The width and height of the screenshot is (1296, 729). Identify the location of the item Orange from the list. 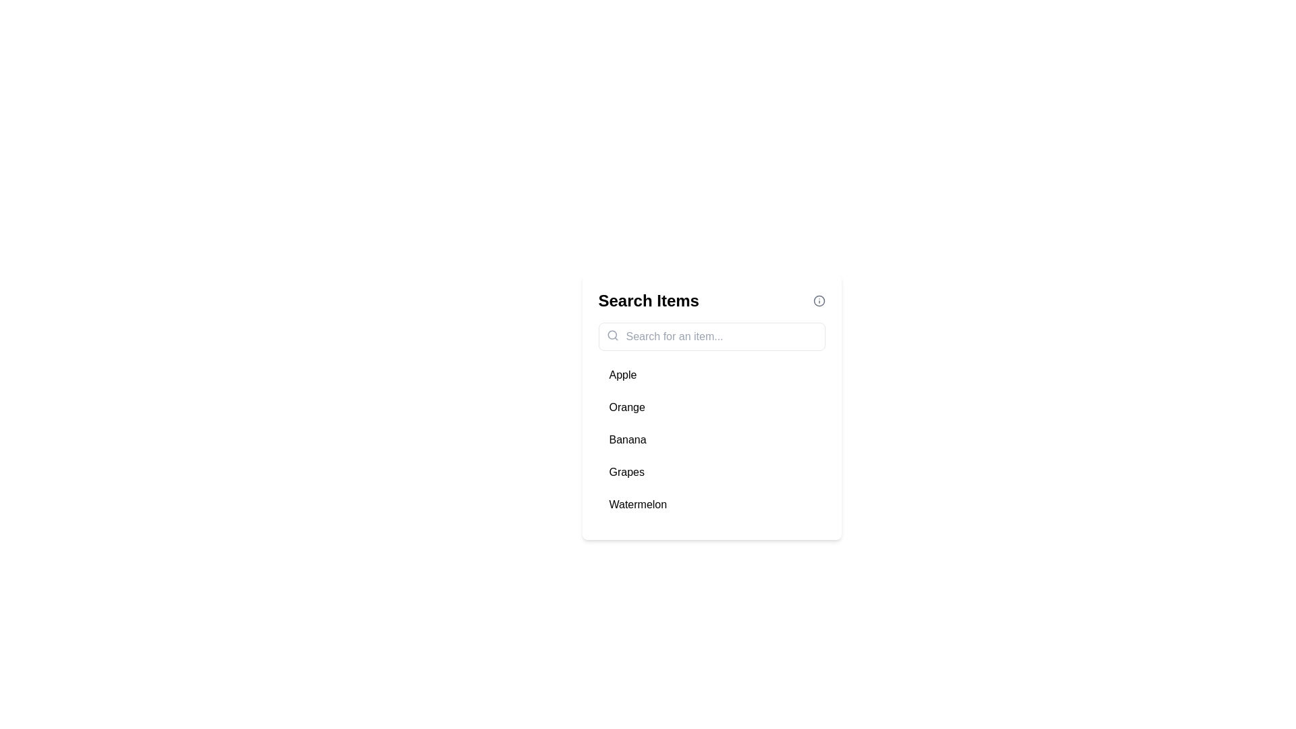
(711, 407).